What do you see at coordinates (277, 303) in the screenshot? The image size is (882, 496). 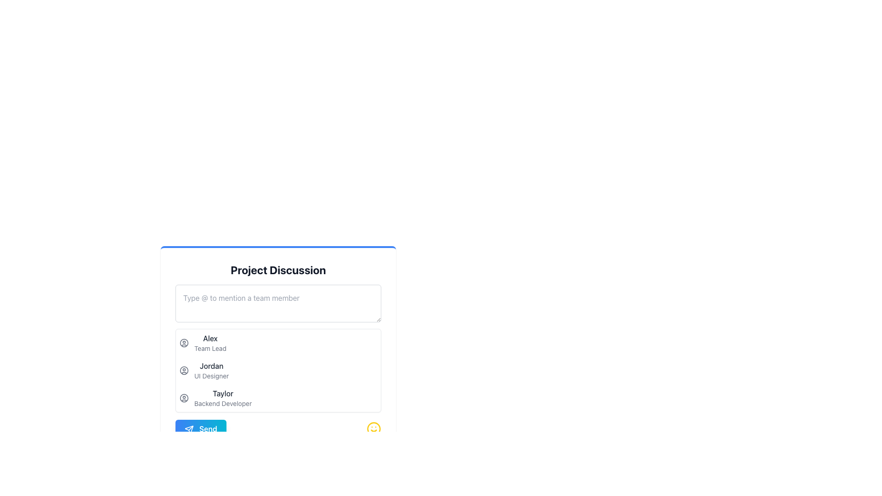 I see `the Text Input Field located beneath the 'Project Discussion' heading to focus it for user input` at bounding box center [277, 303].